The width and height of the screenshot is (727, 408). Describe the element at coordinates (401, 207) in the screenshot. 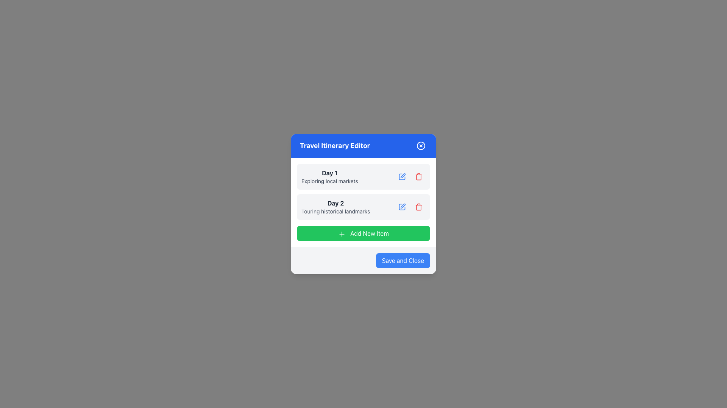

I see `the editing options button for the second item in the travel itinerary list, located in the 'Travel Itinerary Editor' section, adjacent to the 'Touring historical landmarks' label and a red trash bin icon` at that location.